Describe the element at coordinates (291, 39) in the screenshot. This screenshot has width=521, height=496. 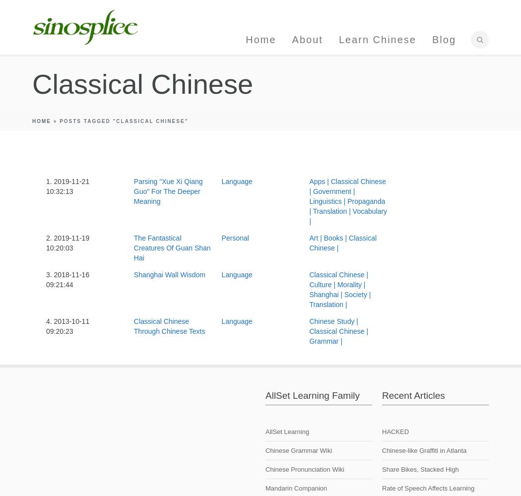
I see `'About'` at that location.